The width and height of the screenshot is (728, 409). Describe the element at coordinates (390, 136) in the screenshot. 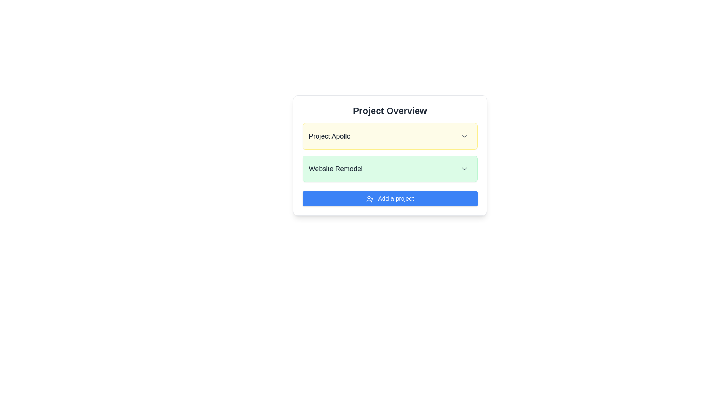

I see `the first dropdown selector item related to 'Project Apollo'` at that location.